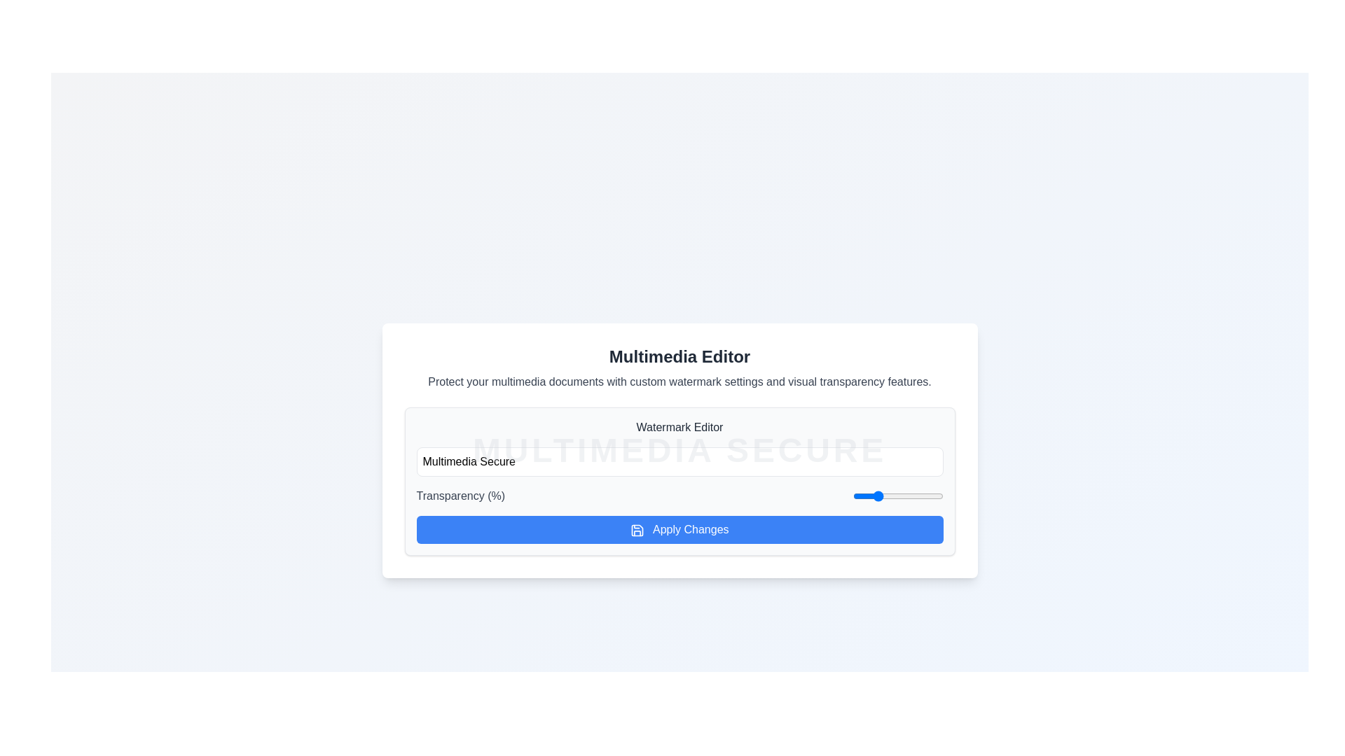 Image resolution: width=1345 pixels, height=756 pixels. I want to click on transparency, so click(901, 496).